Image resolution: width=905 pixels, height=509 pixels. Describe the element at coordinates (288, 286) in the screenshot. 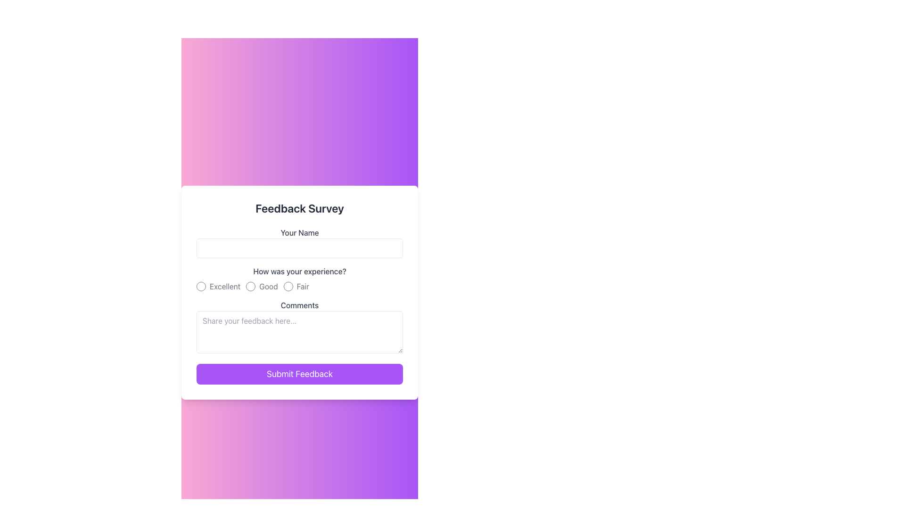

I see `the 'Fair' radio button` at that location.